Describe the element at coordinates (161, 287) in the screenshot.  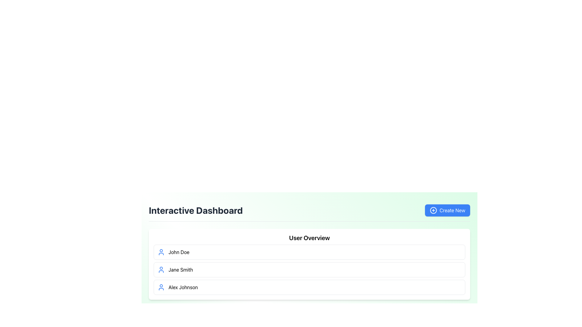
I see `the user profile icon located at the leftmost side of the third row in the 'User Overview' section, next to the name 'Alex Johnson'` at that location.